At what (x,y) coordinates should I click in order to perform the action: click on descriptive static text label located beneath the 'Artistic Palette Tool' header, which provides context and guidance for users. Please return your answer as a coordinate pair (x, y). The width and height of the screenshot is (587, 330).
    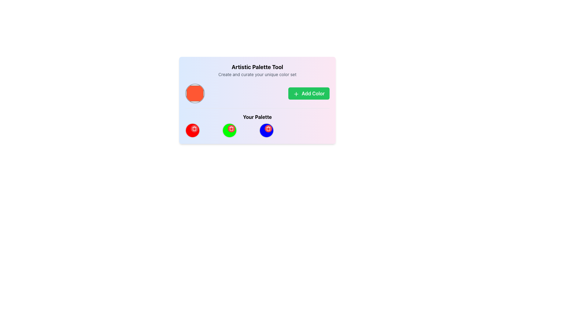
    Looking at the image, I should click on (257, 74).